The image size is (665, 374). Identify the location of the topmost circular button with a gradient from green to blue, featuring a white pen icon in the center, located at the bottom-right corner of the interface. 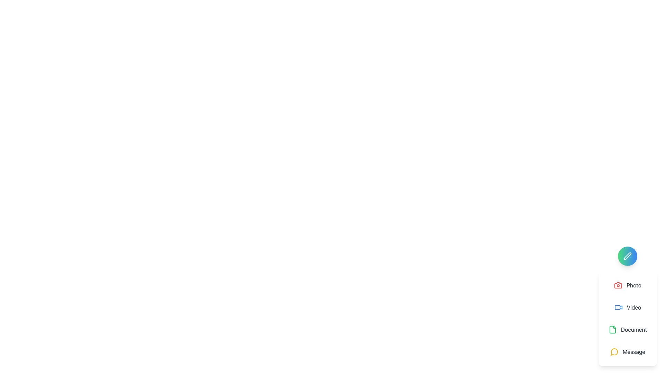
(628, 256).